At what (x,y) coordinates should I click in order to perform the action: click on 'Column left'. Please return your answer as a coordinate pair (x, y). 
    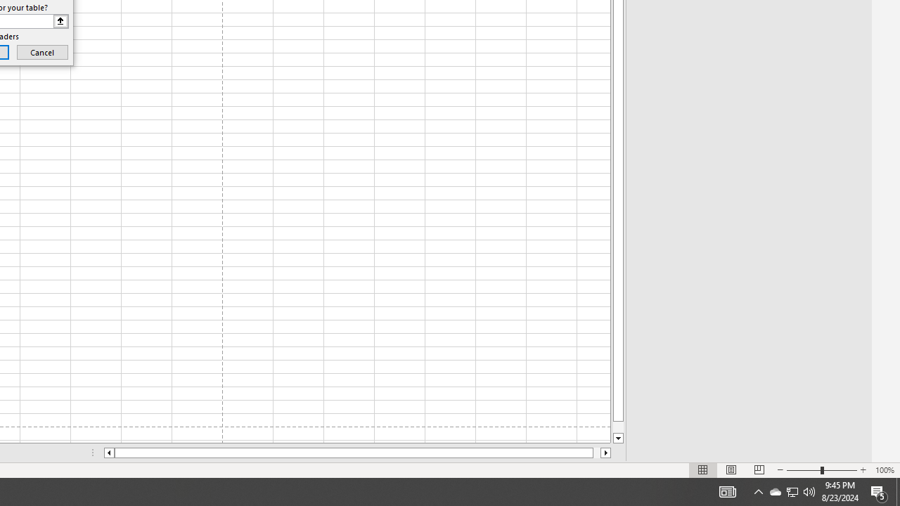
    Looking at the image, I should click on (108, 453).